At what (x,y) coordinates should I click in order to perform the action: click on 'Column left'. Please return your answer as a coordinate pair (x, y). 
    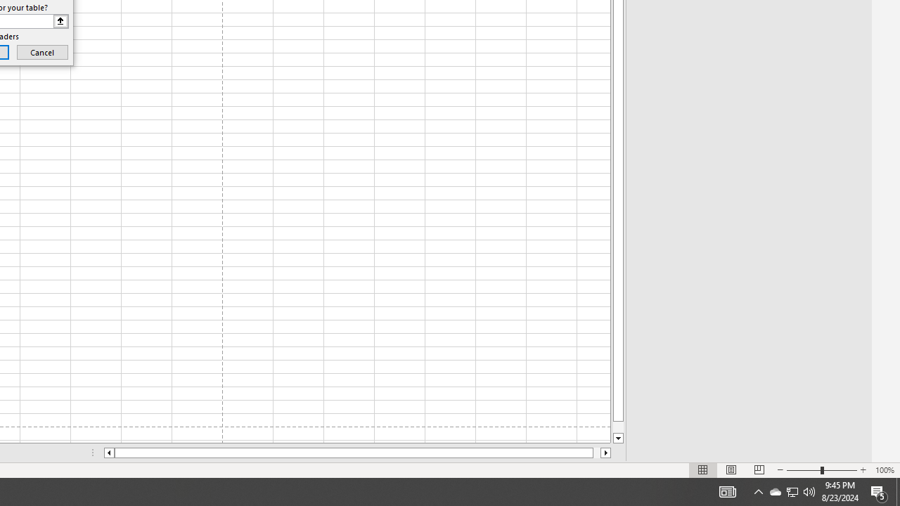
    Looking at the image, I should click on (108, 453).